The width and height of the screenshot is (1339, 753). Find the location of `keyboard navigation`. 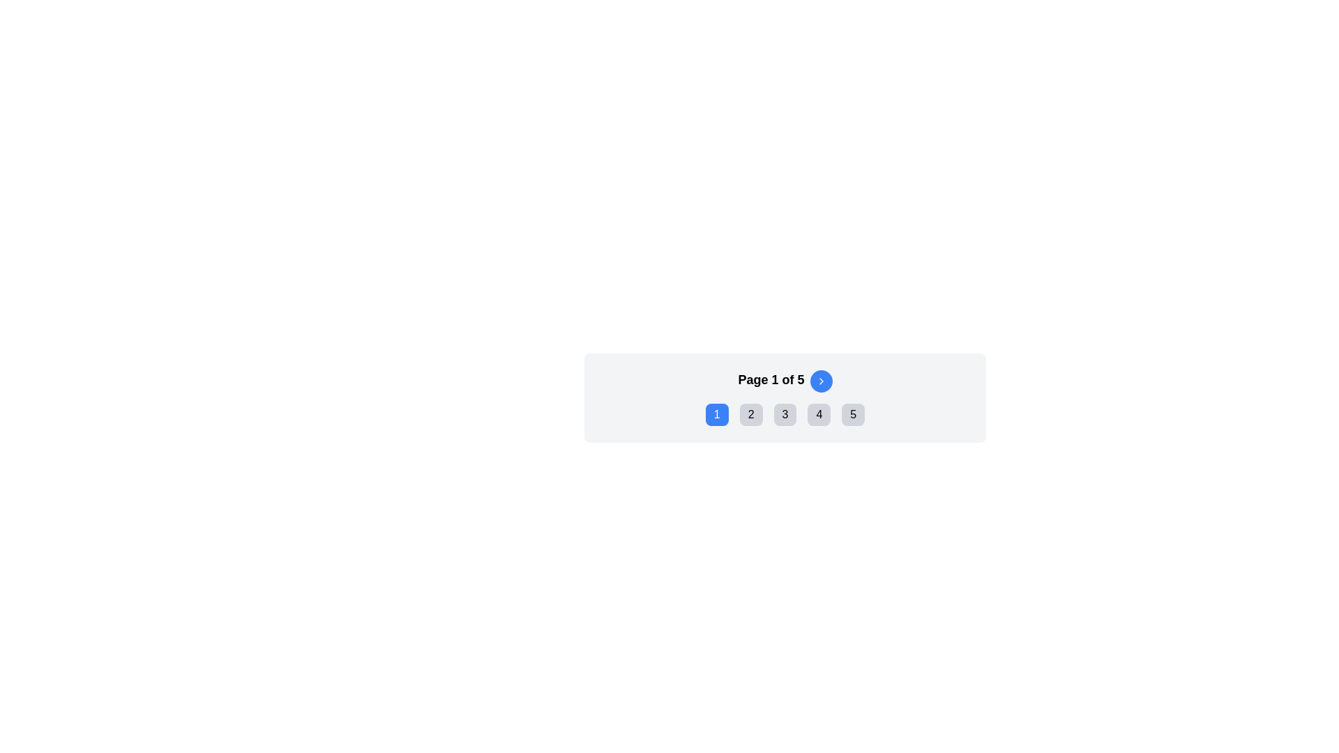

keyboard navigation is located at coordinates (785, 413).